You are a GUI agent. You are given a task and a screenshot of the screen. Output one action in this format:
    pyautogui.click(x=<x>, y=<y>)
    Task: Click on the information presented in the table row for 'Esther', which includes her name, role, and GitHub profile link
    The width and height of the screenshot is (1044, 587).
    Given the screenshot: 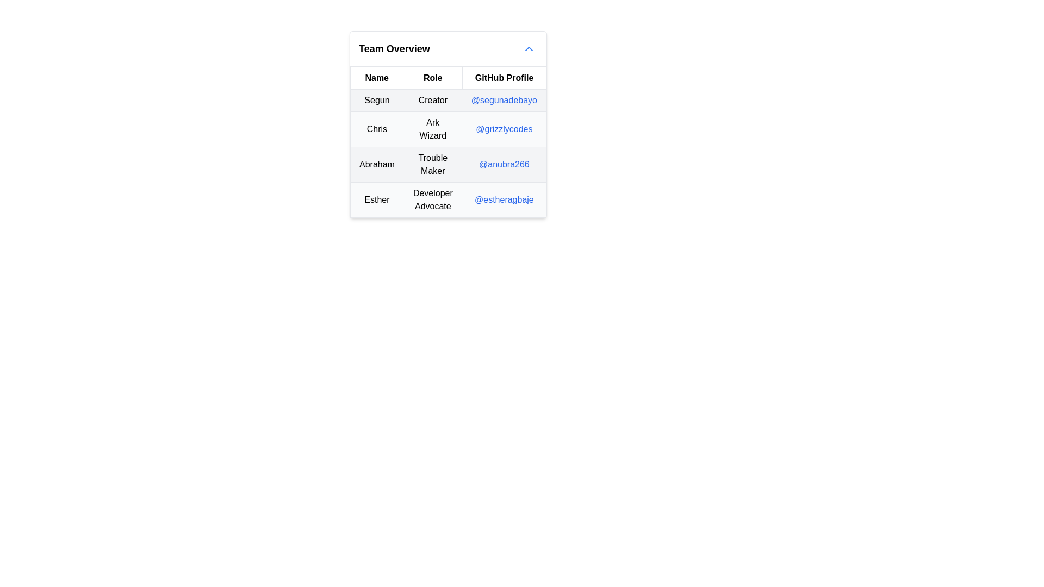 What is the action you would take?
    pyautogui.click(x=448, y=199)
    